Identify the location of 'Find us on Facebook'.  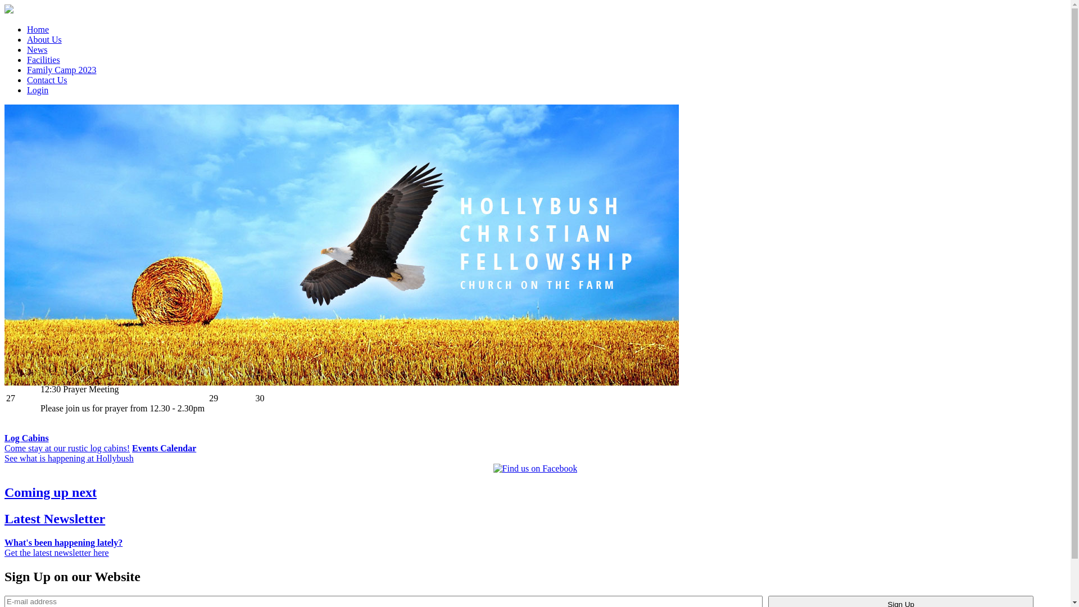
(535, 468).